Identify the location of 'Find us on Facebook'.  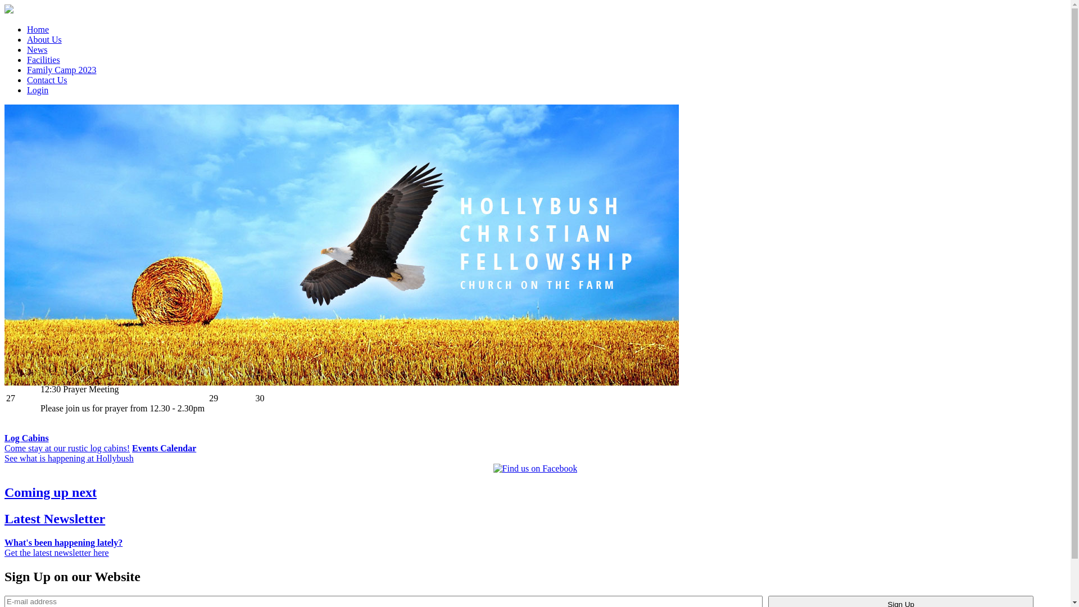
(535, 468).